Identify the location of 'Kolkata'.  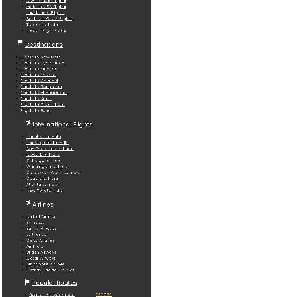
(48, 74).